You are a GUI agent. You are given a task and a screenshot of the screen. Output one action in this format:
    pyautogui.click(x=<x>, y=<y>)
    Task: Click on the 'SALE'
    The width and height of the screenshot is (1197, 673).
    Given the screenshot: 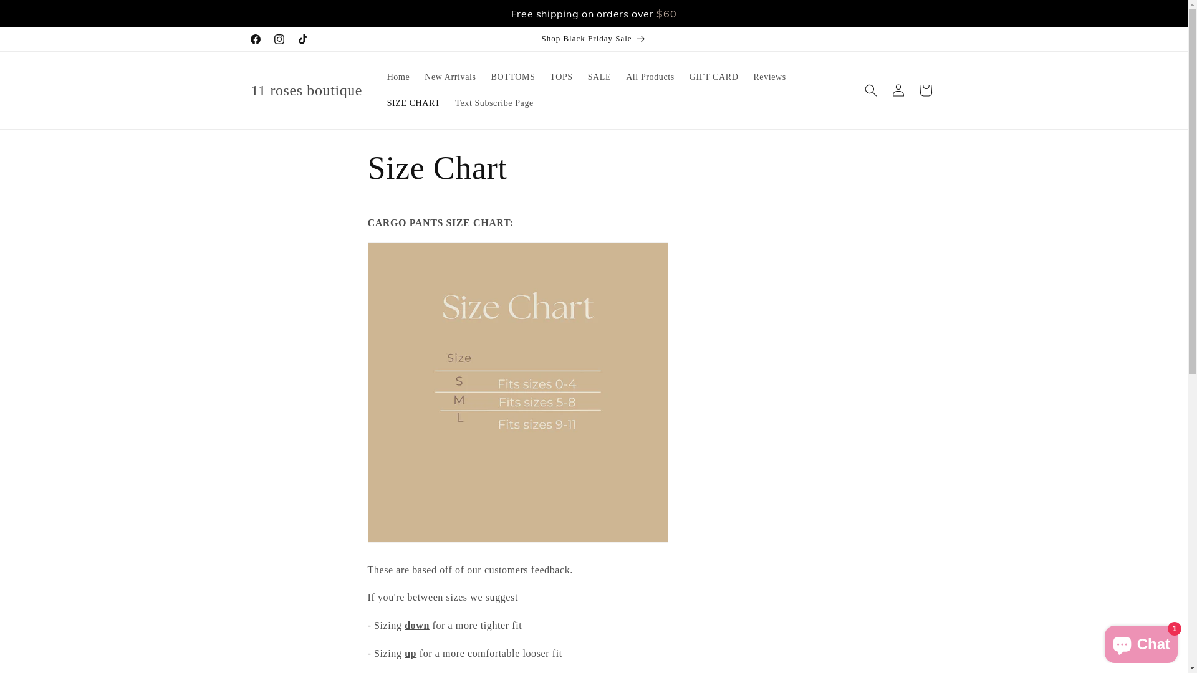 What is the action you would take?
    pyautogui.click(x=580, y=77)
    